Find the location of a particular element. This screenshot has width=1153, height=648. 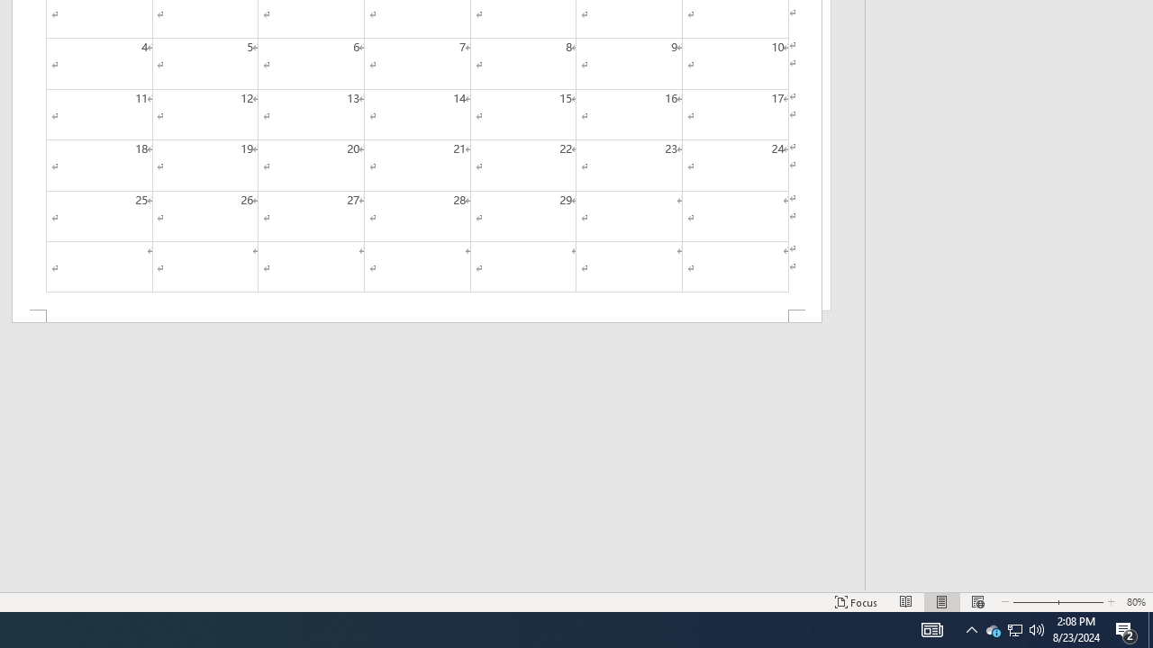

'Print Layout' is located at coordinates (941, 602).